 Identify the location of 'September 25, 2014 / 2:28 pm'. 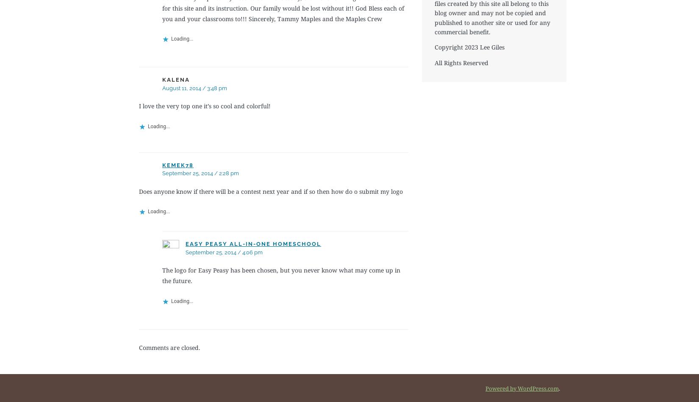
(200, 173).